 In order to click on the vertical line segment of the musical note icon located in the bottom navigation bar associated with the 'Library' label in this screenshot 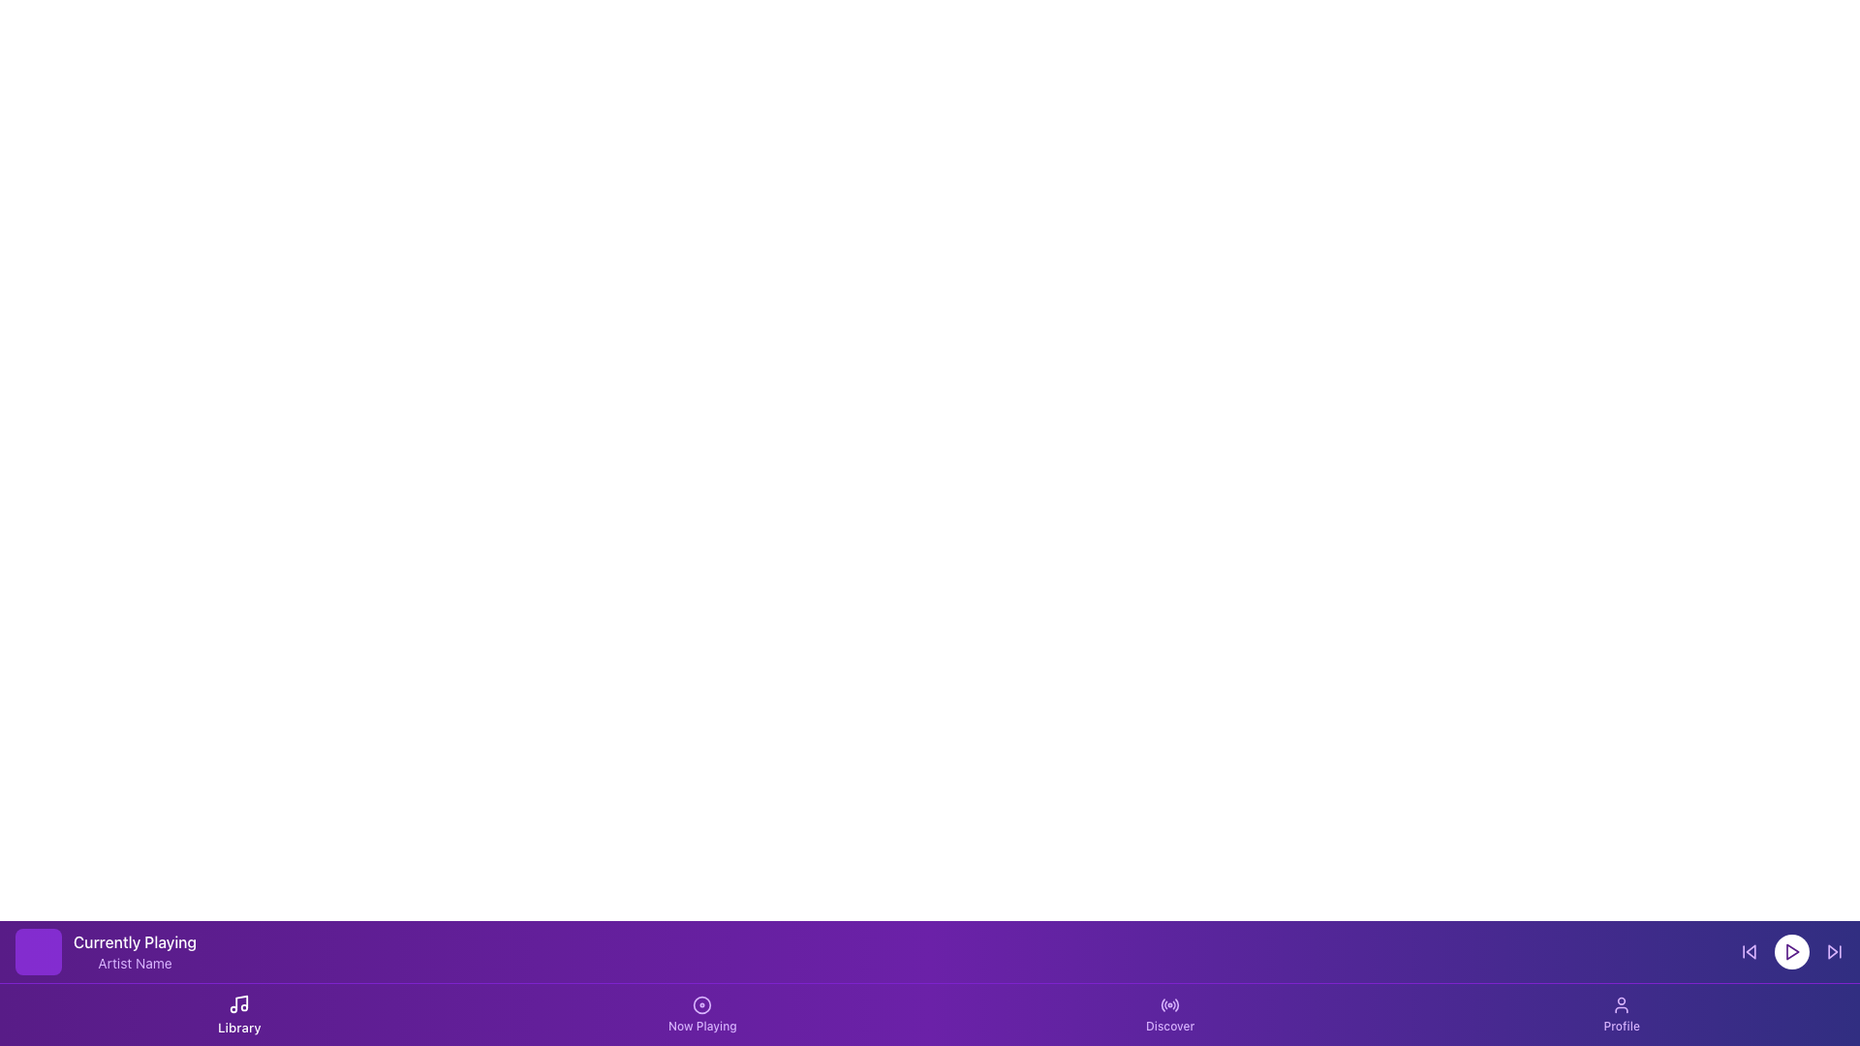, I will do `click(241, 1002)`.